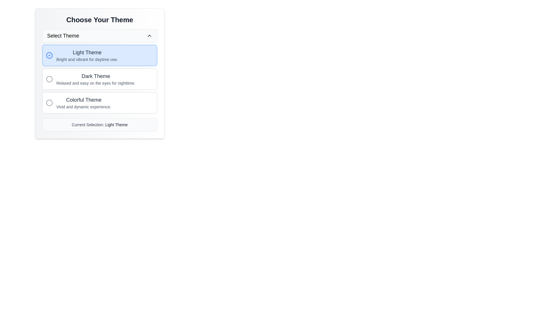 The width and height of the screenshot is (555, 312). What do you see at coordinates (49, 55) in the screenshot?
I see `the Selection Indicator icon for the 'Light Theme' option, which visually indicates the currently active choice` at bounding box center [49, 55].